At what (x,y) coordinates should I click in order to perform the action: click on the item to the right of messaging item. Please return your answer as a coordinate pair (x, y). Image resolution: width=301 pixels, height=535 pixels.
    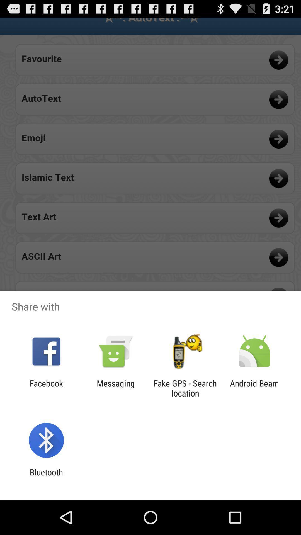
    Looking at the image, I should click on (185, 388).